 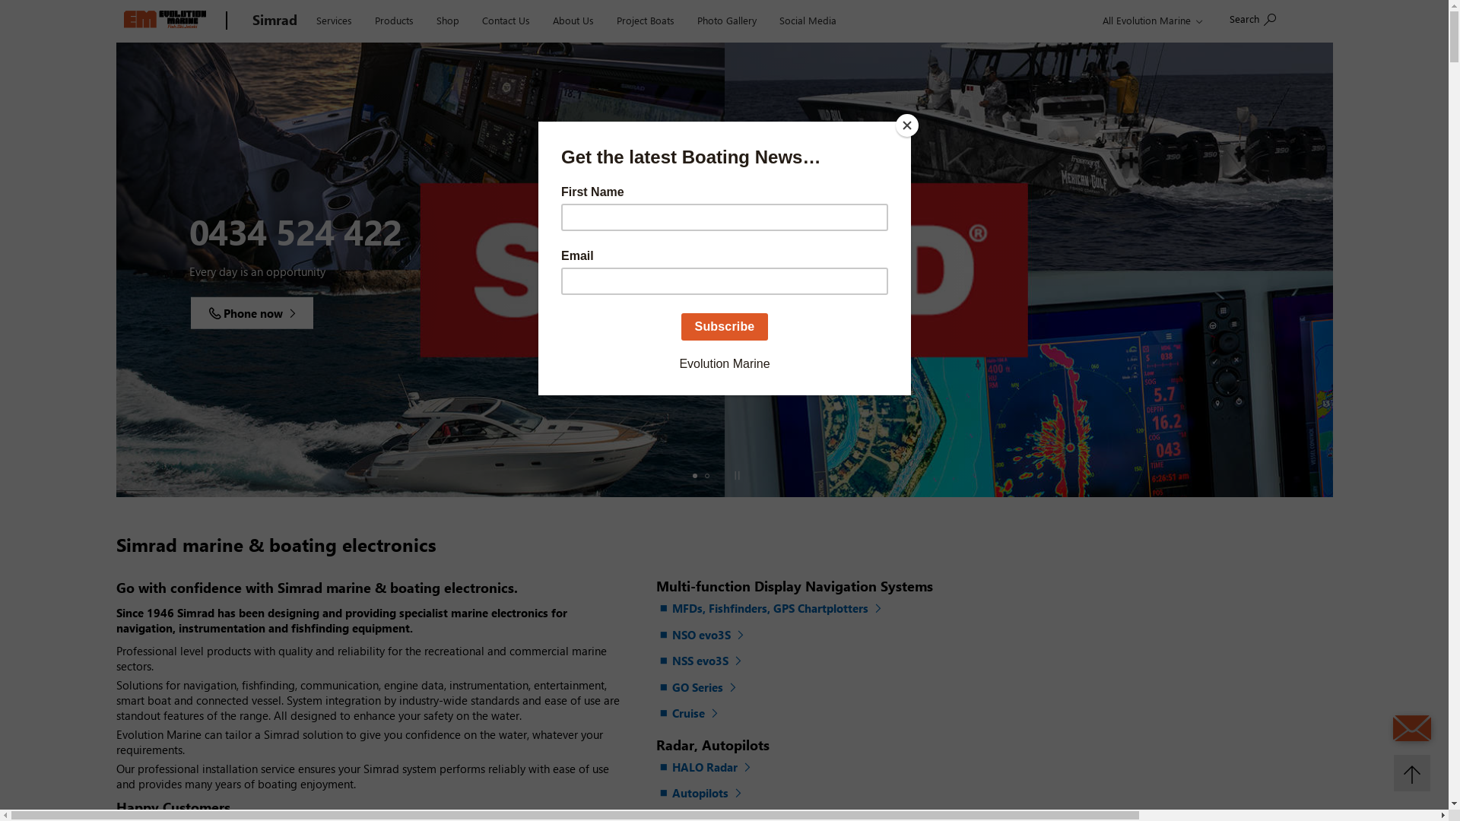 I want to click on 'Project Boats', so click(x=646, y=18).